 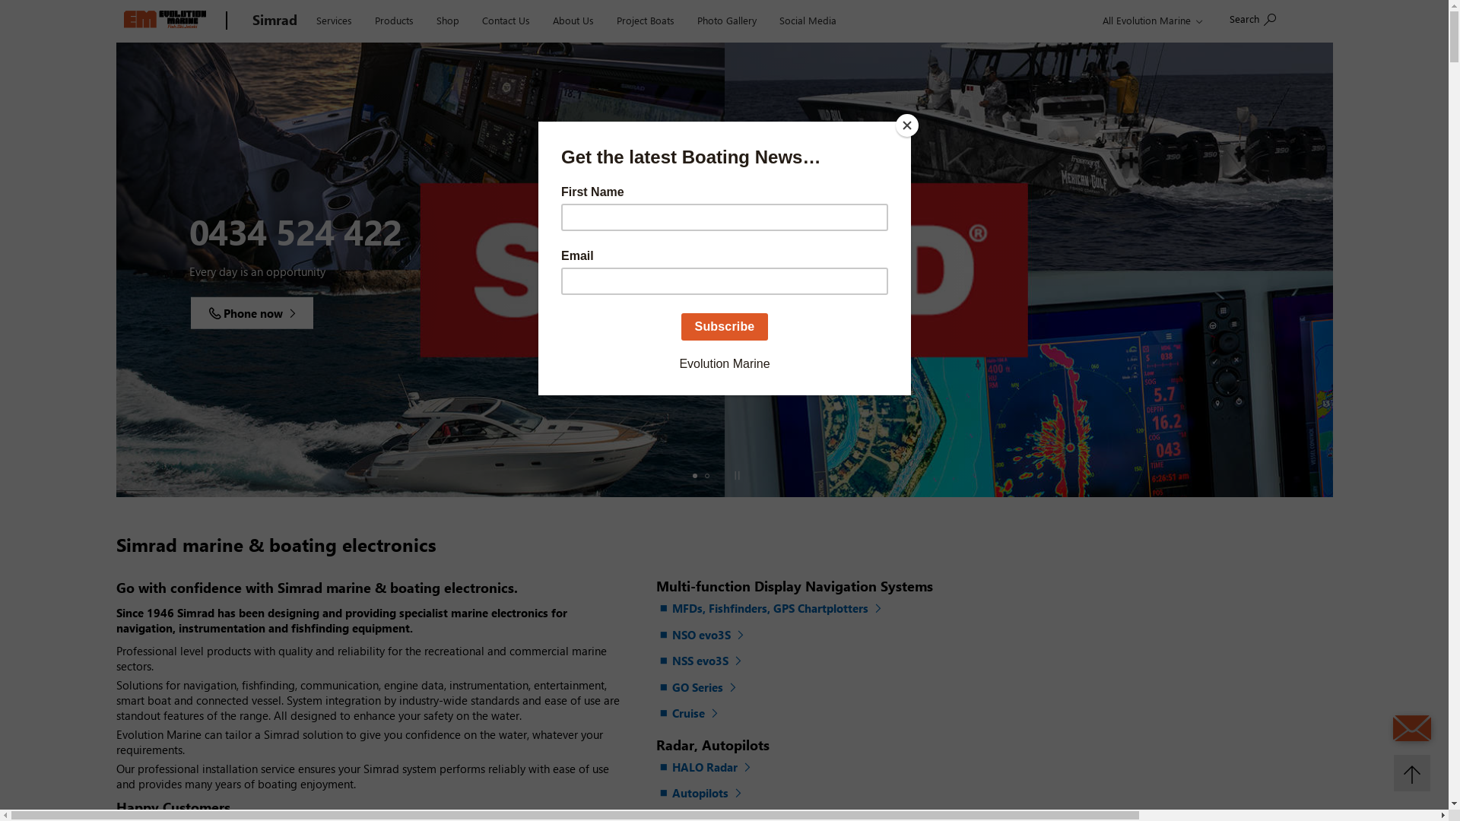 I want to click on 'Project Boats', so click(x=646, y=18).